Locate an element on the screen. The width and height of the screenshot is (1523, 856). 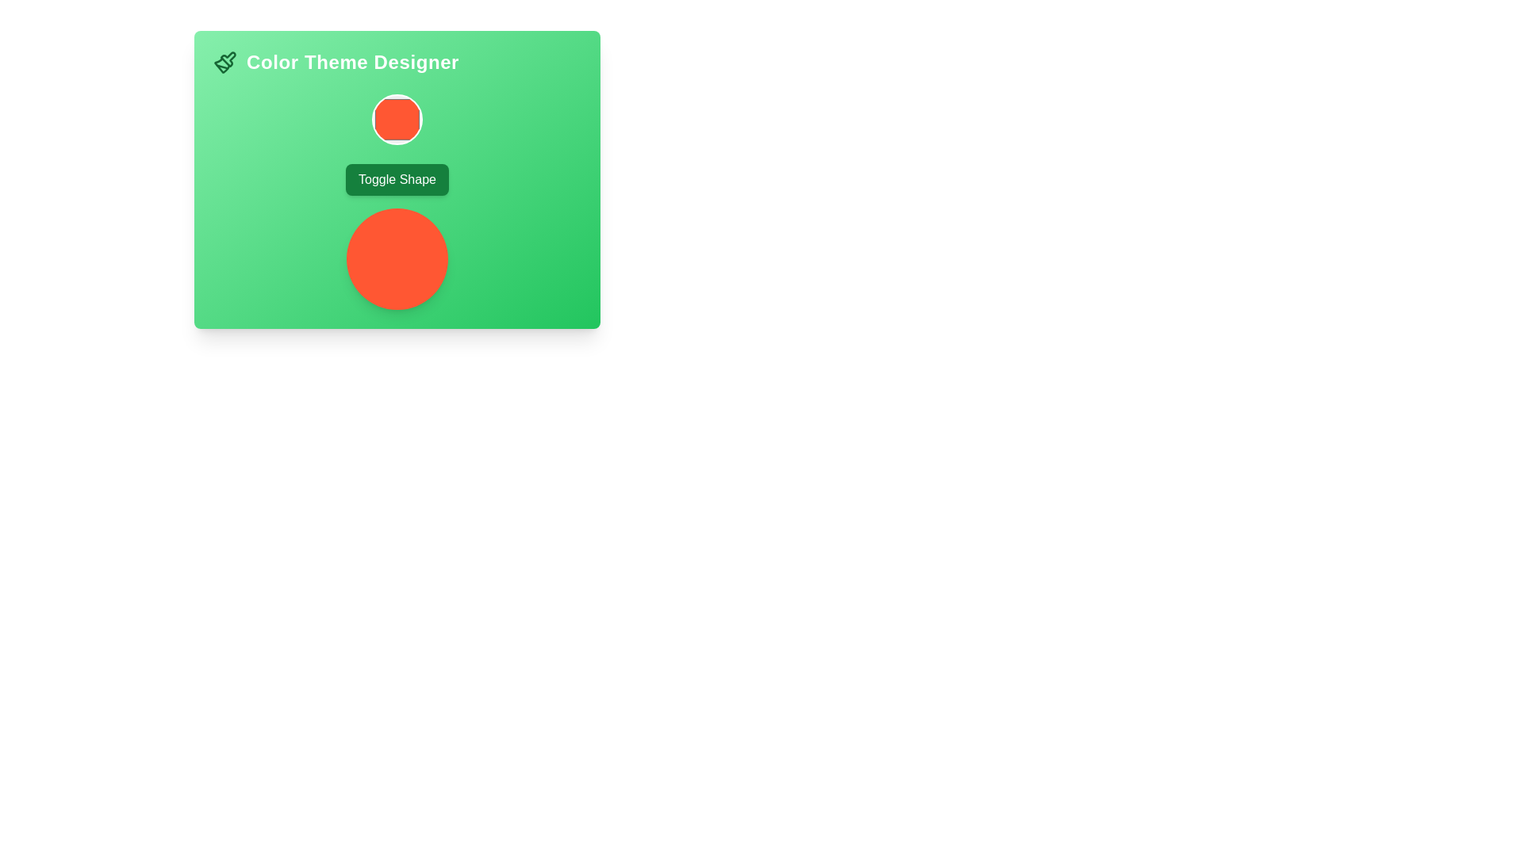
the Vector icon element that visually represents a part of the graphical paintbrush icon, indicating design or brush-related functionality is located at coordinates (227, 59).